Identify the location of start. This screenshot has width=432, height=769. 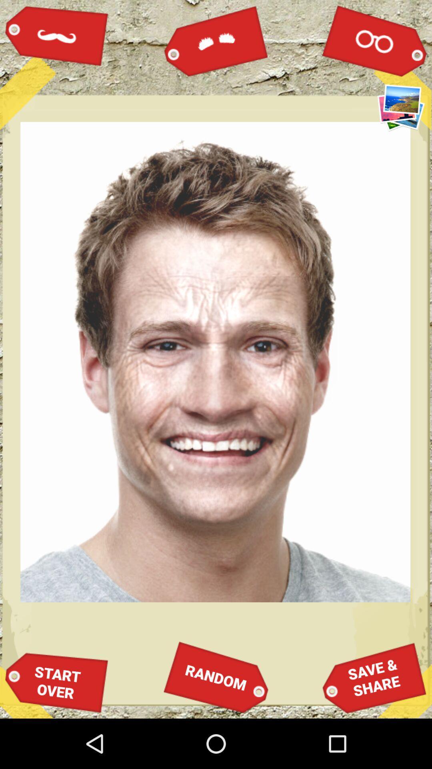
(56, 682).